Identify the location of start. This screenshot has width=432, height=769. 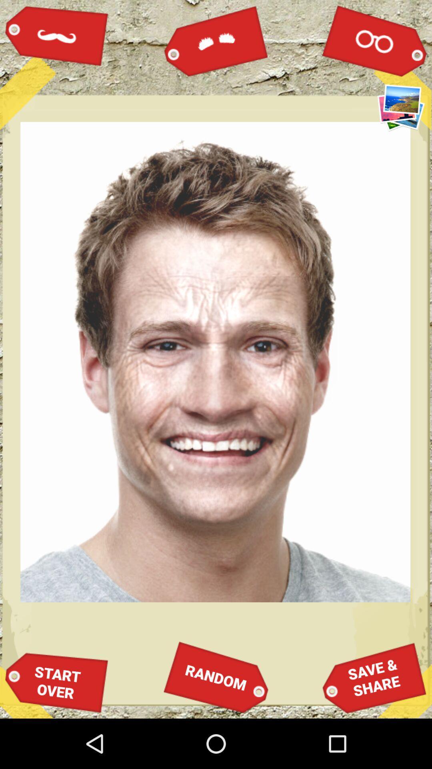
(56, 682).